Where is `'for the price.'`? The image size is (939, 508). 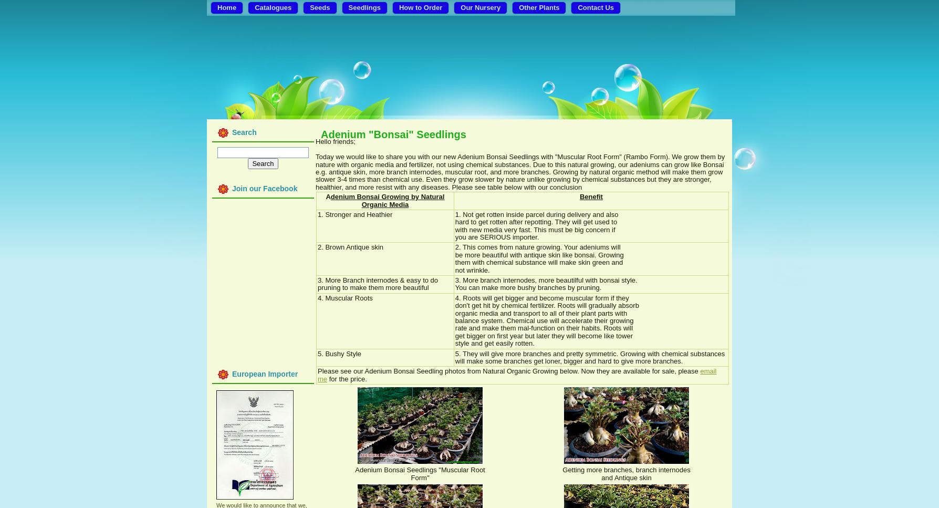 'for the price.' is located at coordinates (347, 378).